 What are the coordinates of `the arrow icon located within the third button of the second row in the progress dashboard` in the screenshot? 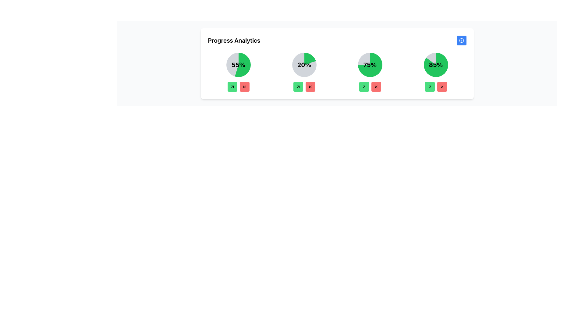 It's located at (310, 87).